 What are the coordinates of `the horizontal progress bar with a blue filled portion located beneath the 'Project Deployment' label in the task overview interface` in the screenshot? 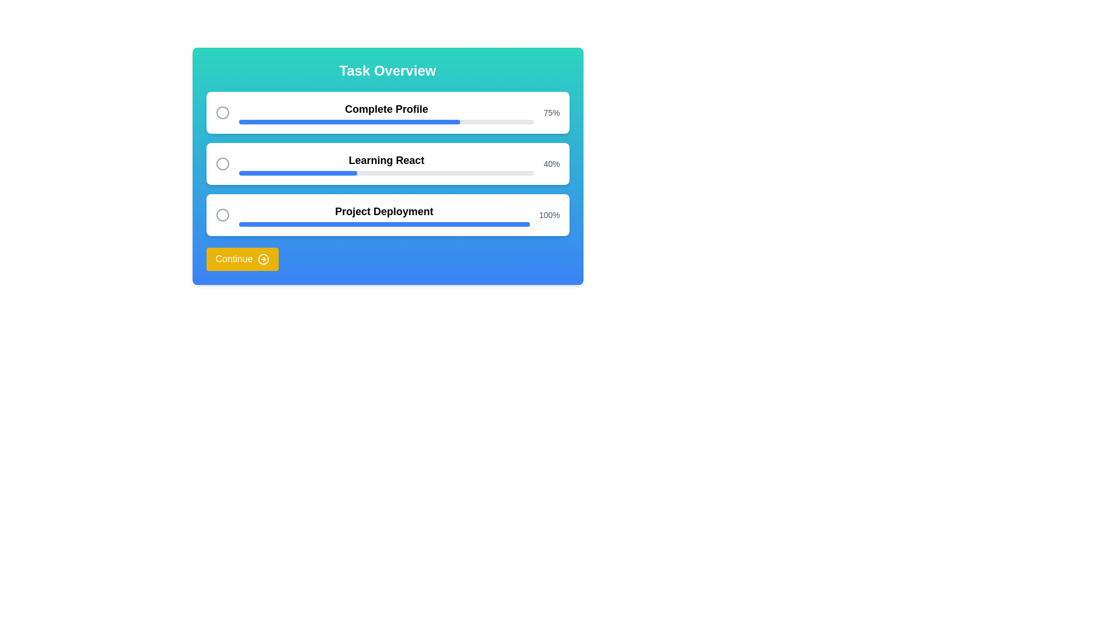 It's located at (384, 224).